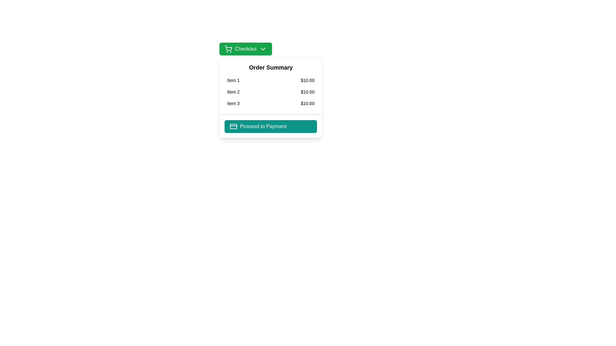 This screenshot has width=616, height=346. What do you see at coordinates (271, 98) in the screenshot?
I see `the 'Order Summary' card` at bounding box center [271, 98].